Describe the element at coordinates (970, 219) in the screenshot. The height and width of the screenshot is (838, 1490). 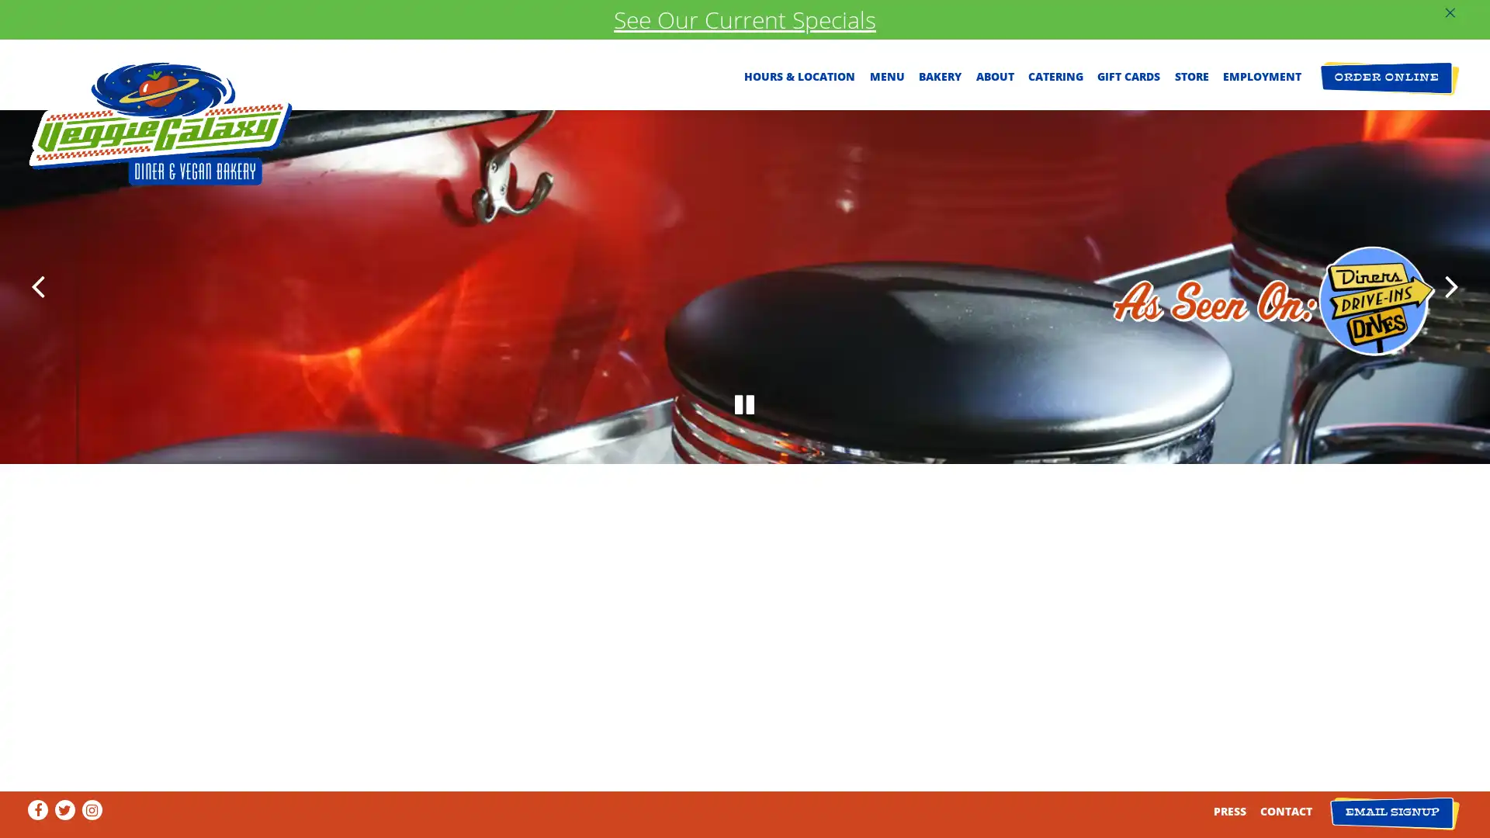
I see `Close` at that location.